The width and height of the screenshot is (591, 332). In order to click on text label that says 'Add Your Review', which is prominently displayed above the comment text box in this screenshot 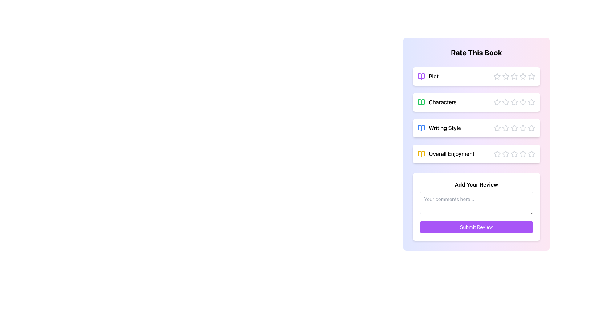, I will do `click(476, 184)`.